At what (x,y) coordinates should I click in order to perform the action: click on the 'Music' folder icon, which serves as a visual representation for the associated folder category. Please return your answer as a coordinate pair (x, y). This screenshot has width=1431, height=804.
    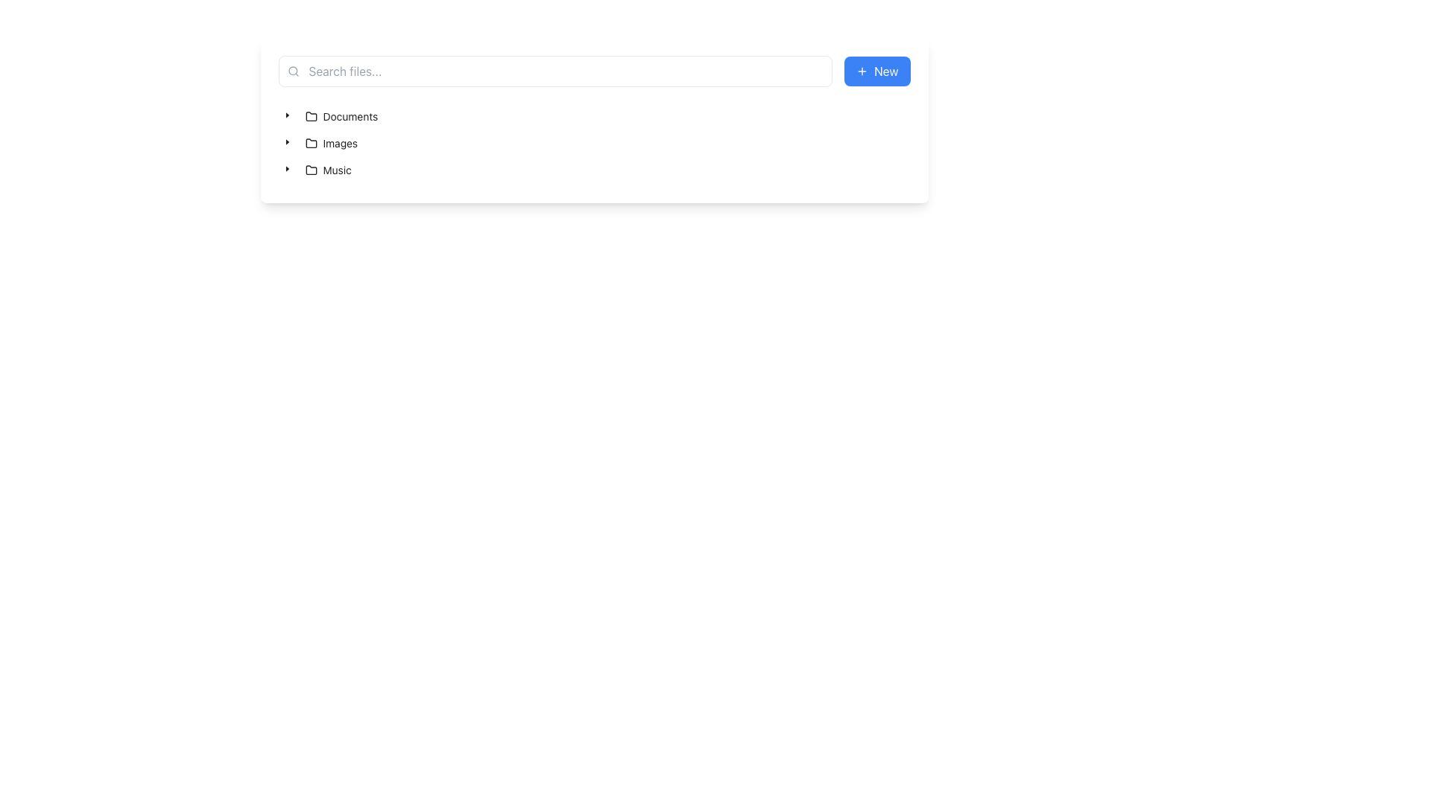
    Looking at the image, I should click on (310, 169).